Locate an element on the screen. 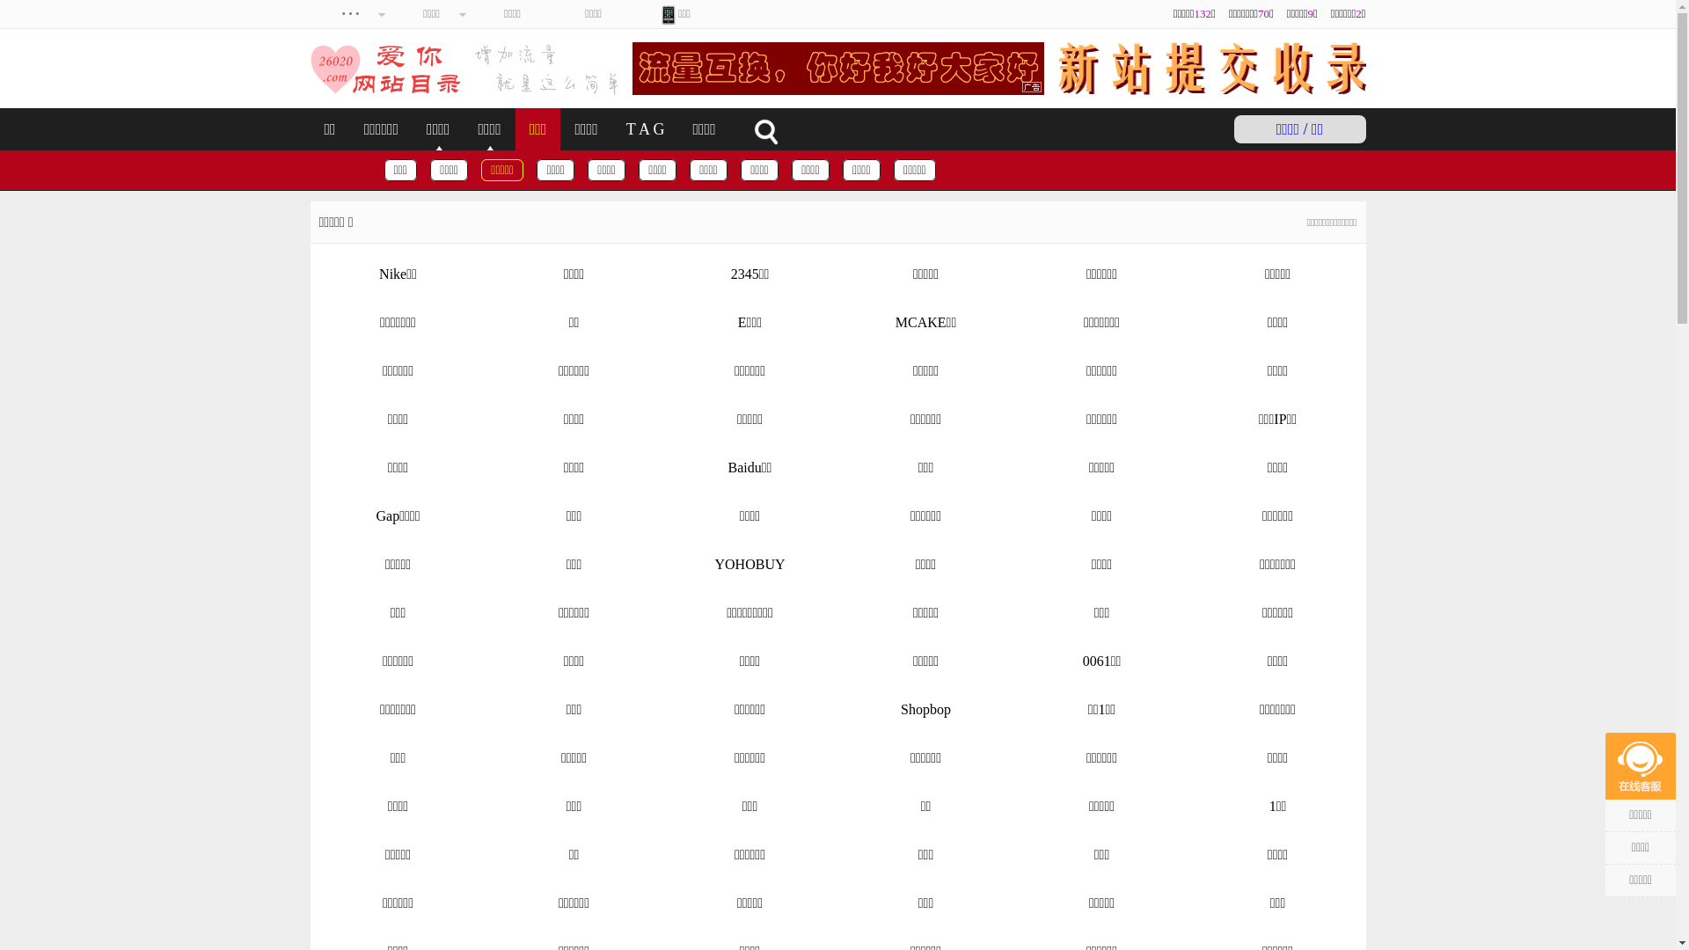 This screenshot has height=950, width=1689. 'YOHOBUY' is located at coordinates (749, 564).